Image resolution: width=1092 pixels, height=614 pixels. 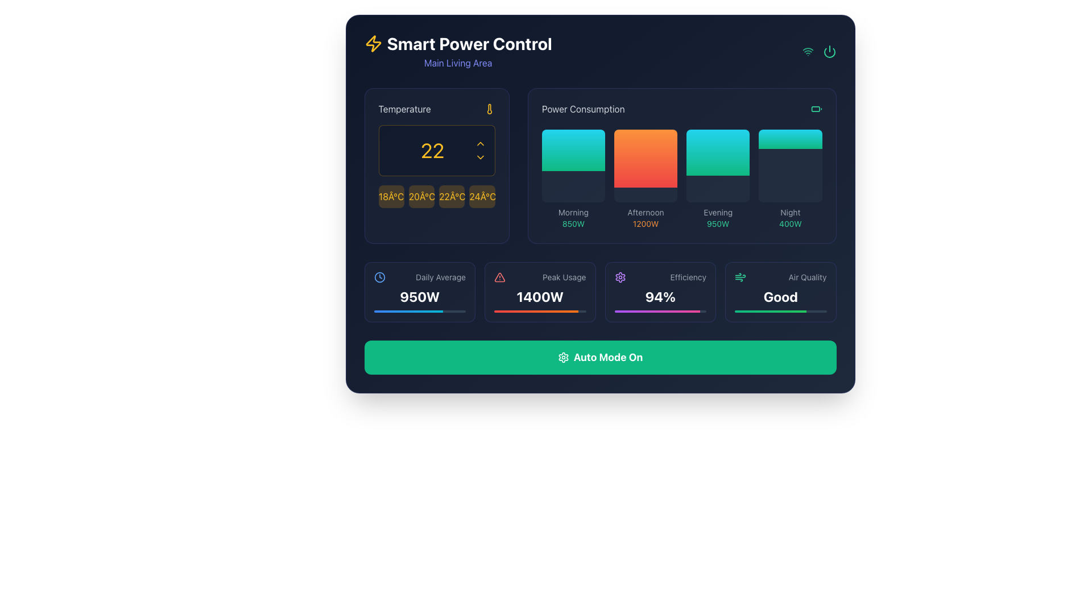 I want to click on the 'Evening' card in the Power Consumption section, which is the third card in a group of four, featuring a cyan to emerald gradient on top and dark slate color on the bottom, so click(x=717, y=166).